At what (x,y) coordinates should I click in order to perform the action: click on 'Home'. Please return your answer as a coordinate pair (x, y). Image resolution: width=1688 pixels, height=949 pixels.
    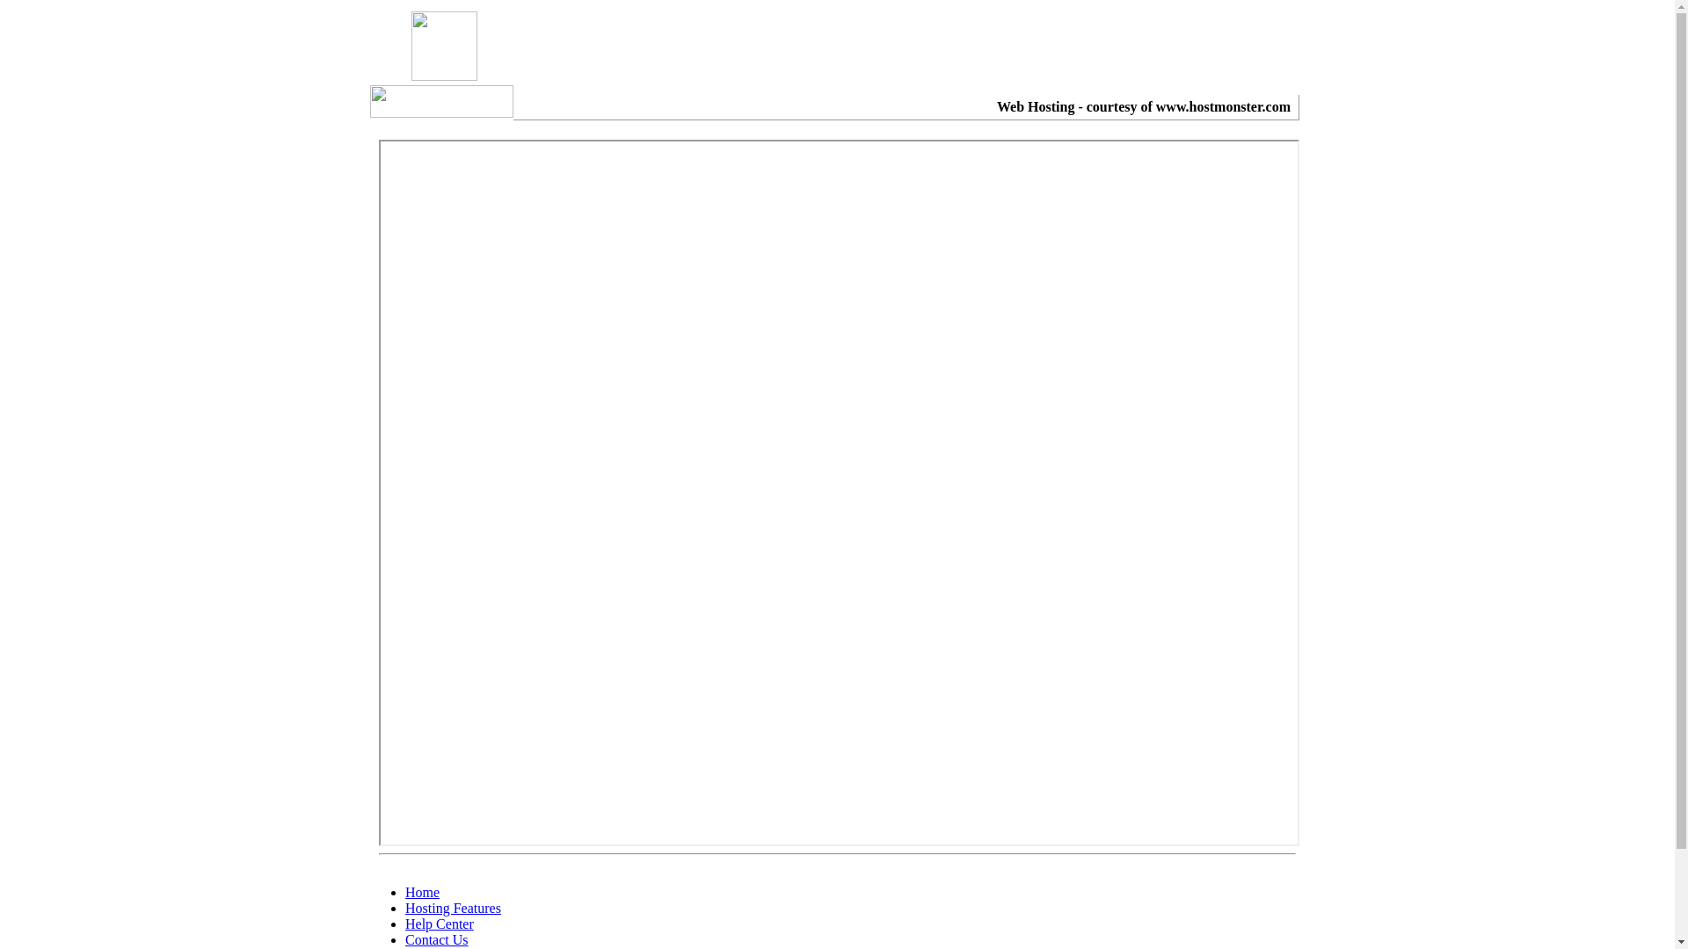
    Looking at the image, I should click on (404, 892).